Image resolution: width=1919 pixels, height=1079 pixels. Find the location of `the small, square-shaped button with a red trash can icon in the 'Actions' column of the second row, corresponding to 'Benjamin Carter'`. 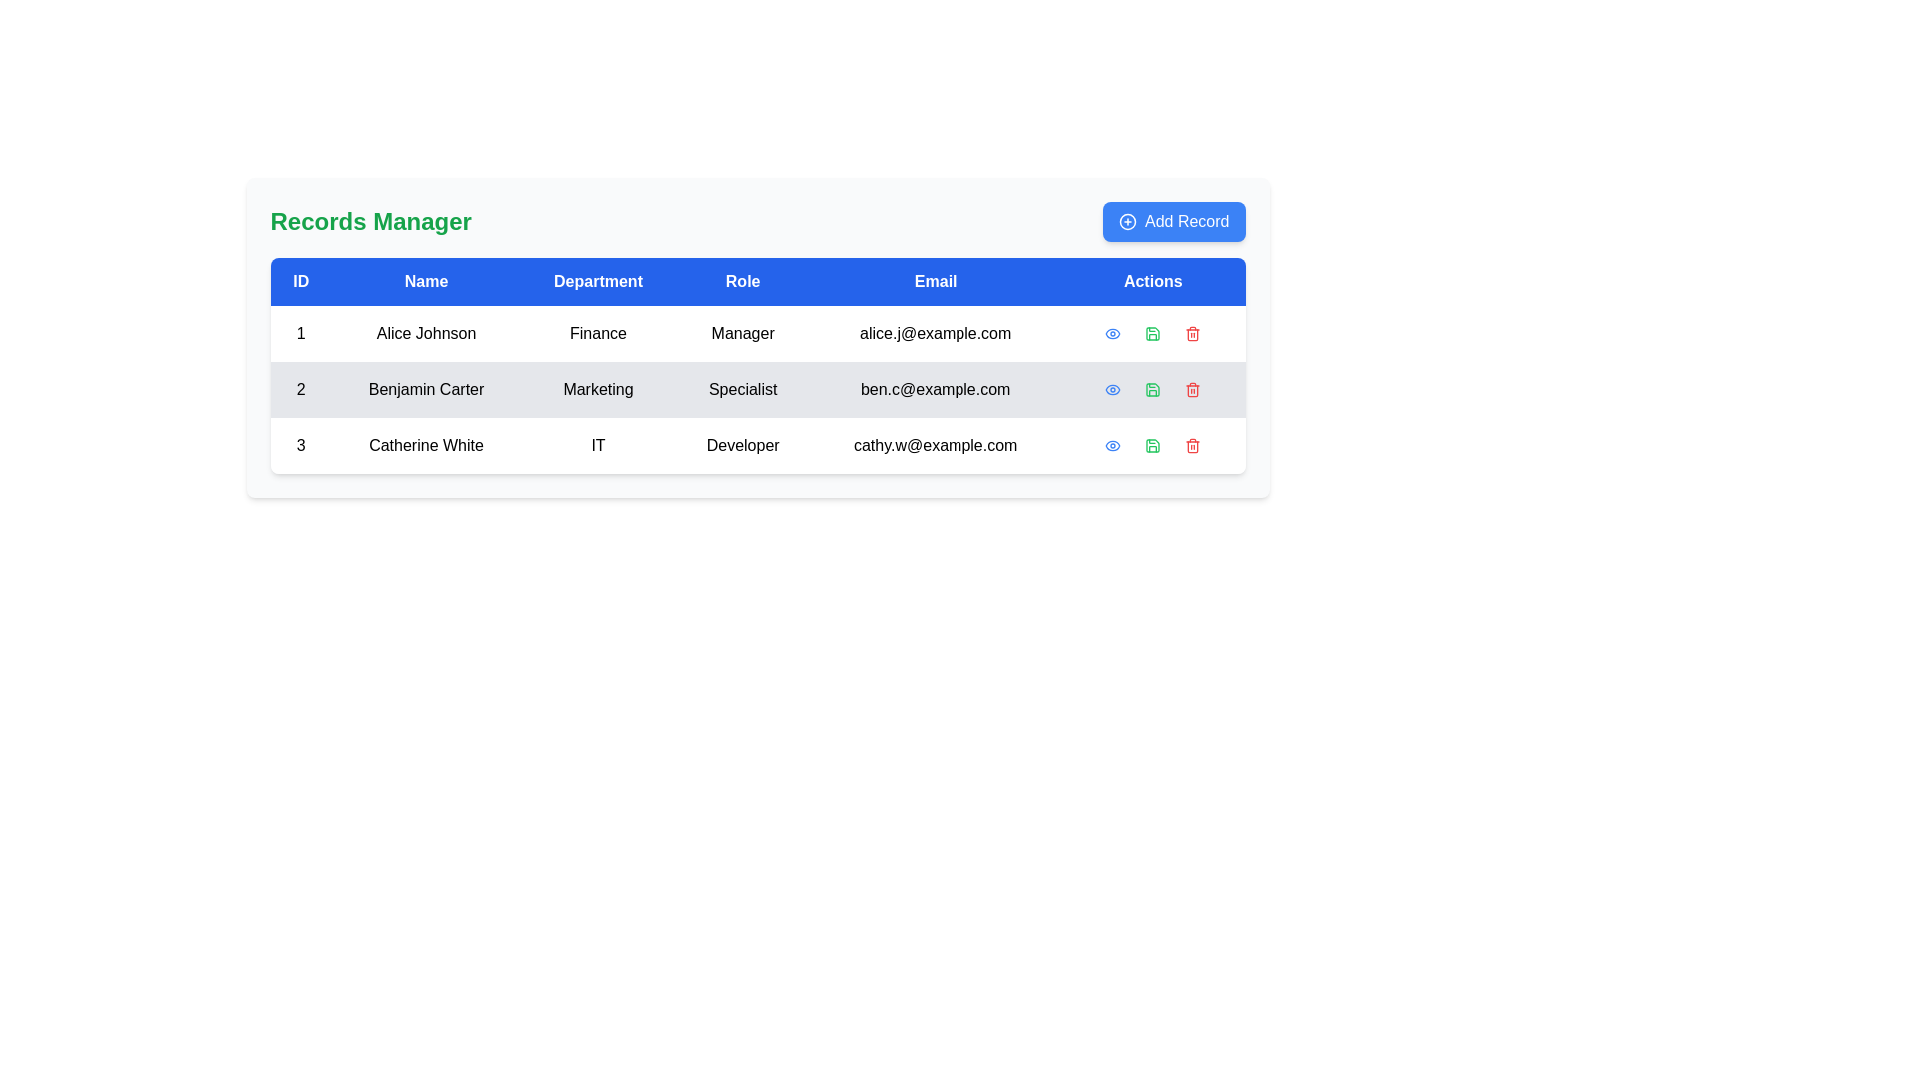

the small, square-shaped button with a red trash can icon in the 'Actions' column of the second row, corresponding to 'Benjamin Carter' is located at coordinates (1193, 389).